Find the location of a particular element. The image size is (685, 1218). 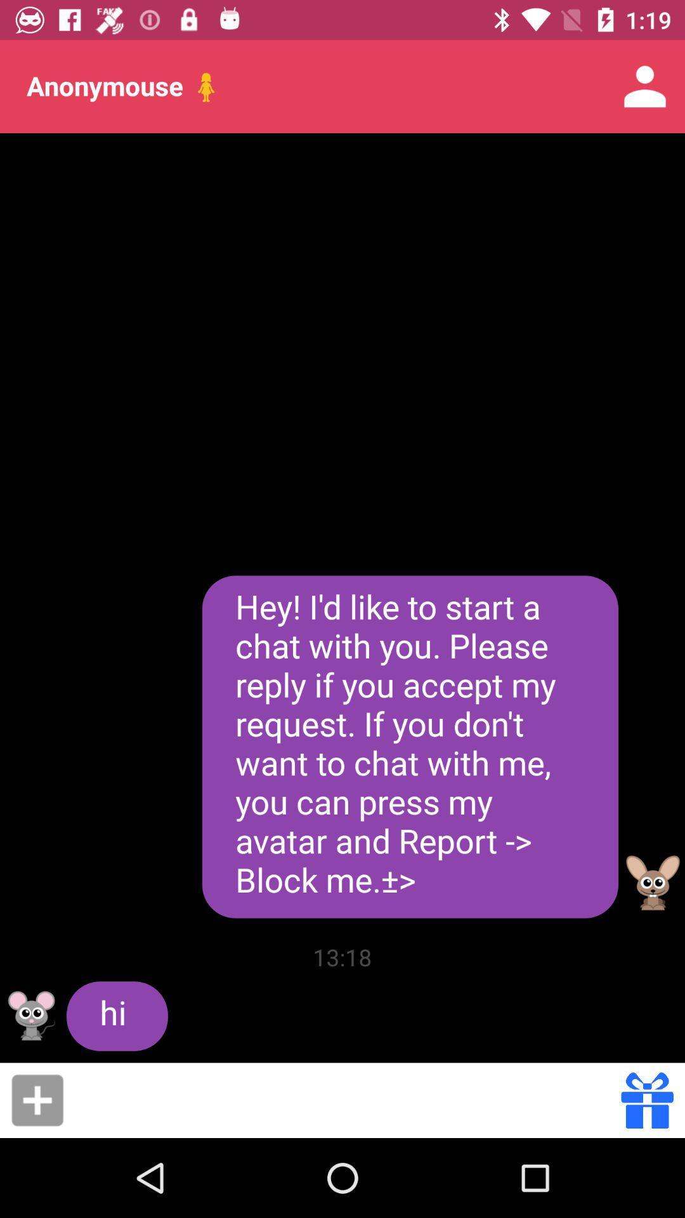

icon next to the hi  icon is located at coordinates (342, 957).